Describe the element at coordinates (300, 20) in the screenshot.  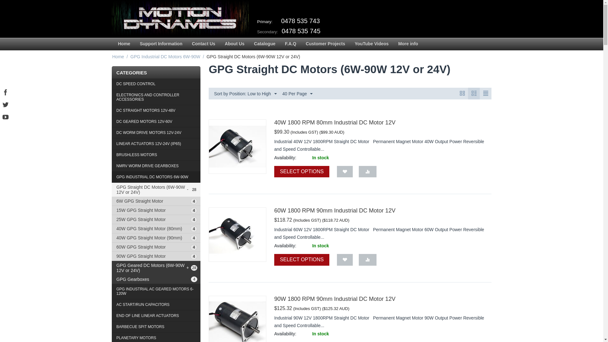
I see `'0478 535 743'` at that location.